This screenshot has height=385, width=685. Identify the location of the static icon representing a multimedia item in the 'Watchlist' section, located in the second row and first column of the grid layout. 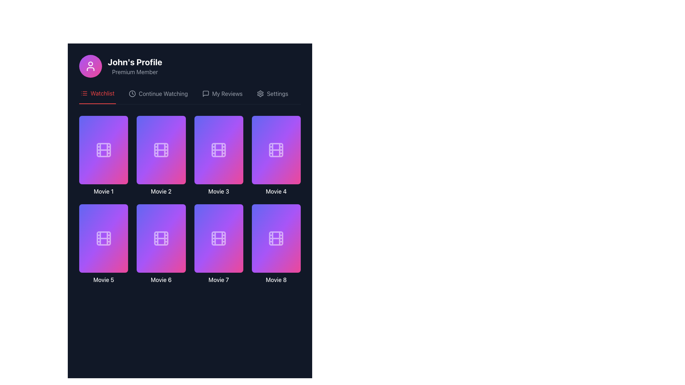
(103, 238).